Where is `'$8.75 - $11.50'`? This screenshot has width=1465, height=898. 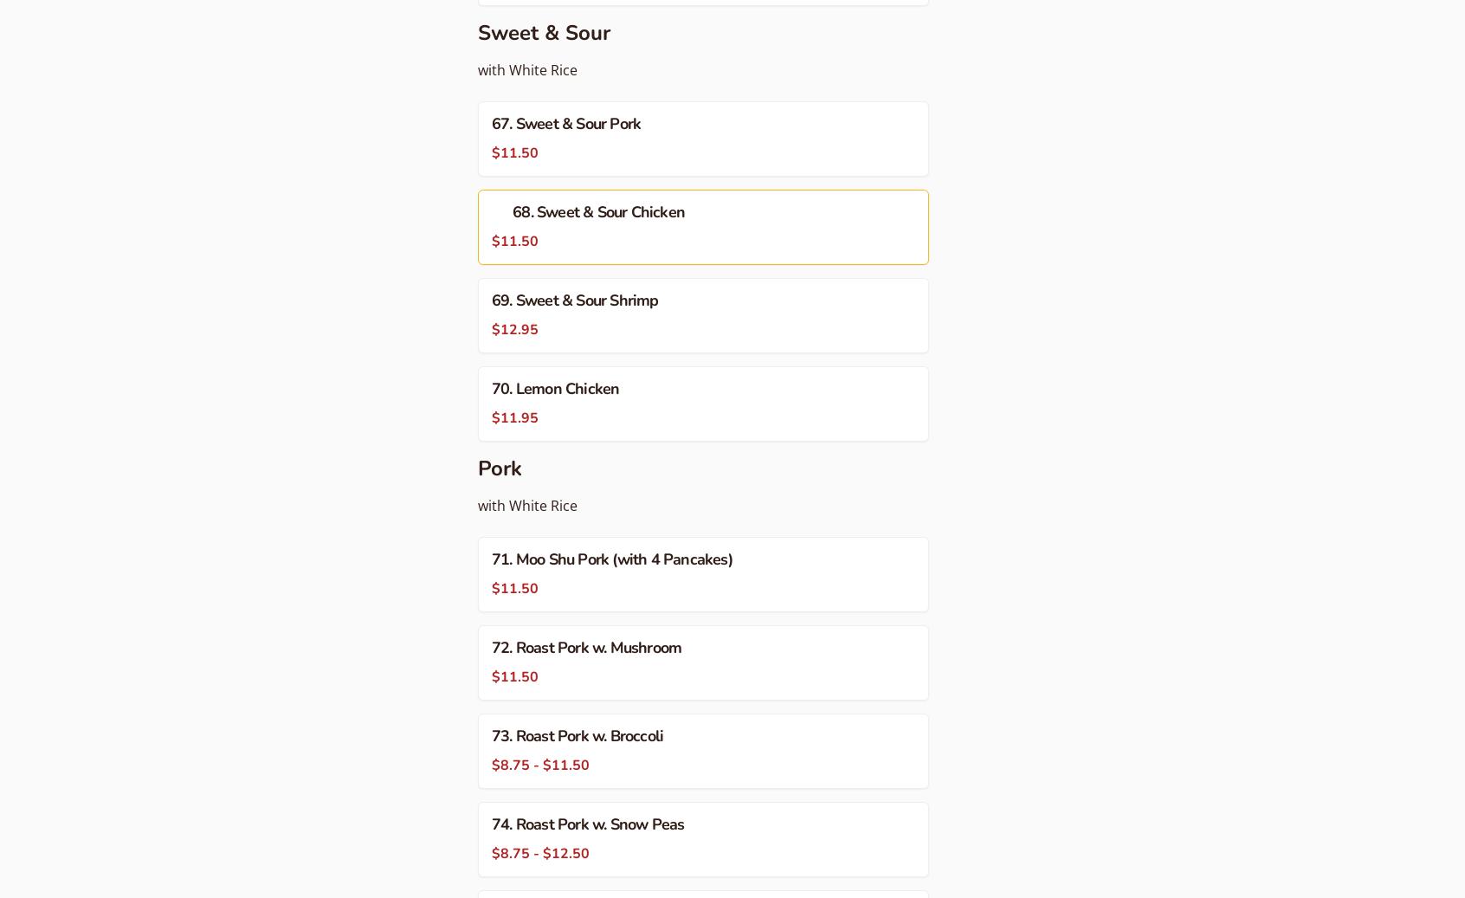 '$8.75 - $11.50' is located at coordinates (491, 766).